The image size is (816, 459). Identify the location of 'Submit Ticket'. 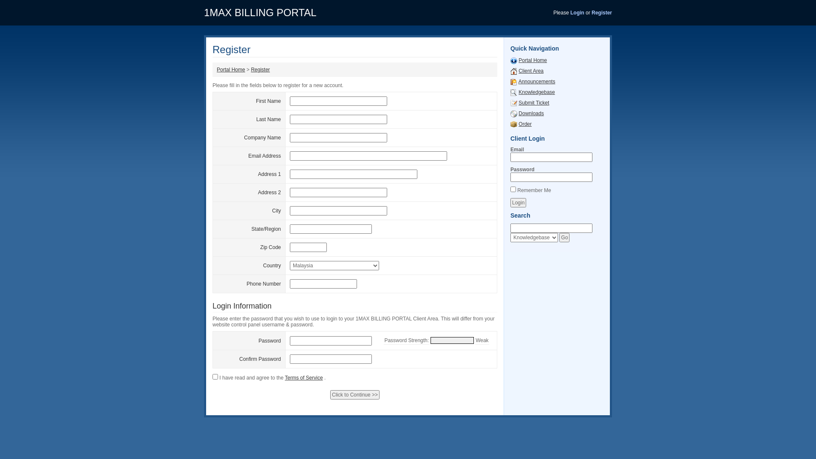
(518, 102).